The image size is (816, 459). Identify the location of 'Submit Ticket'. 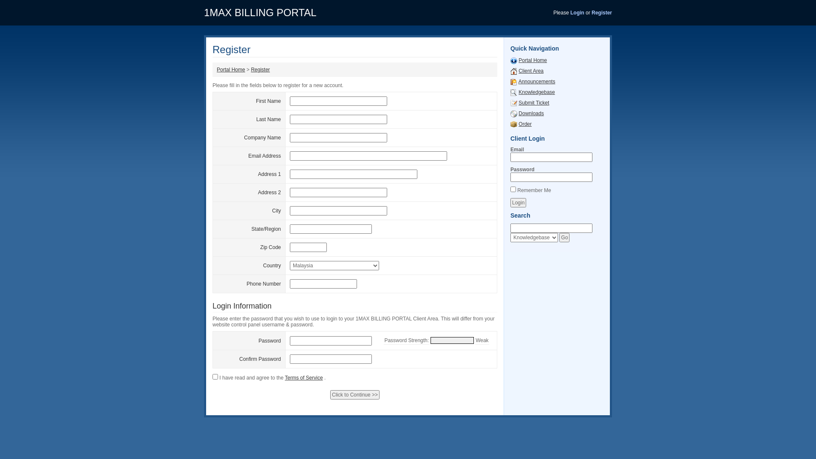
(518, 102).